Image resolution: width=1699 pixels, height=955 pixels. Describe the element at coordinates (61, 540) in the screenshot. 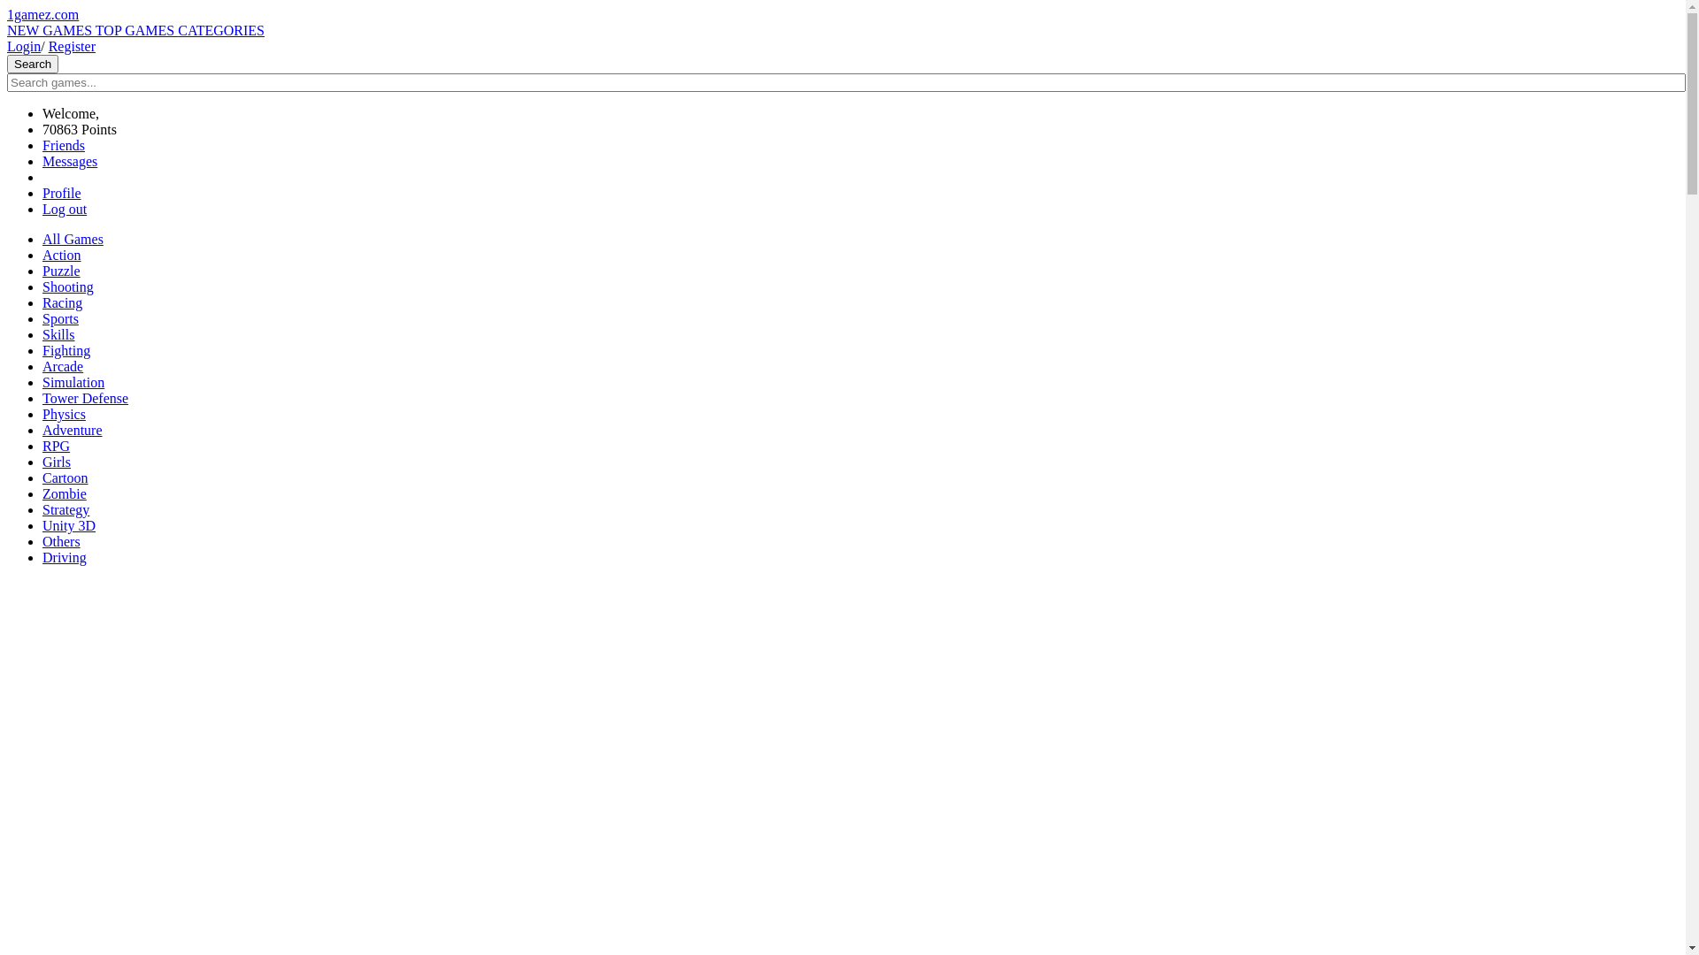

I see `'Others'` at that location.